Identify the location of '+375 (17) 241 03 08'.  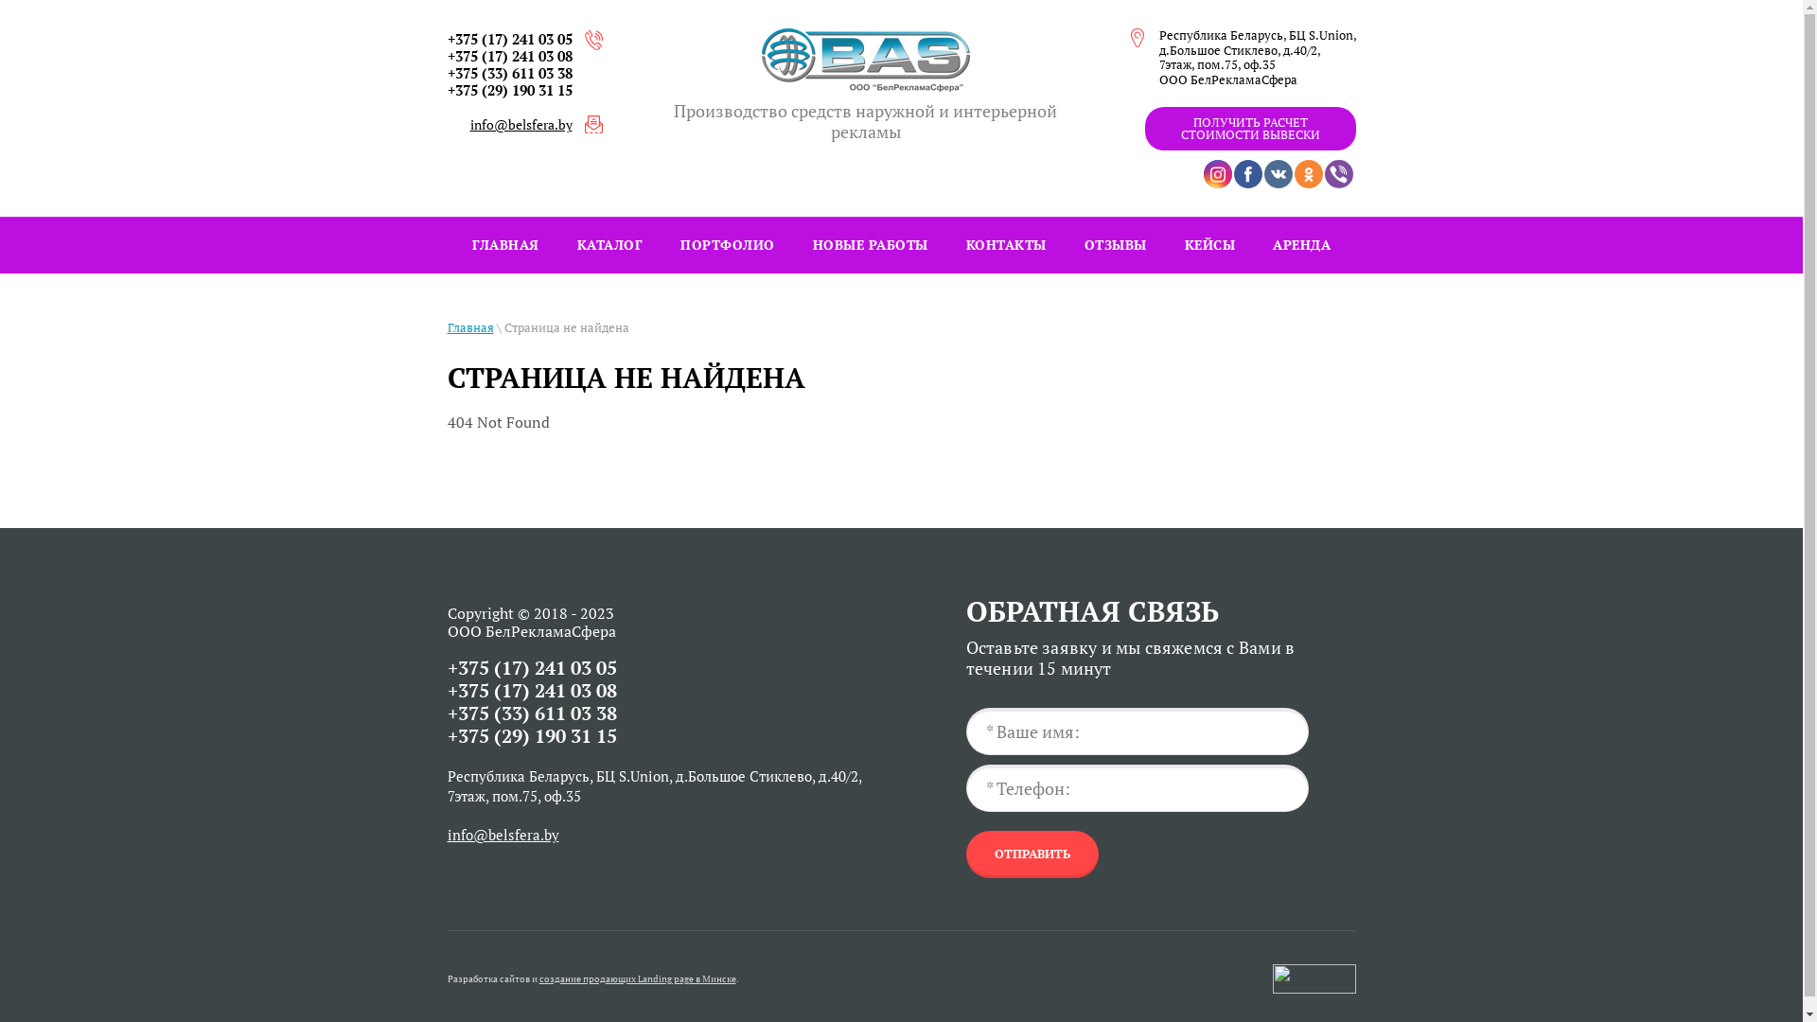
(530, 690).